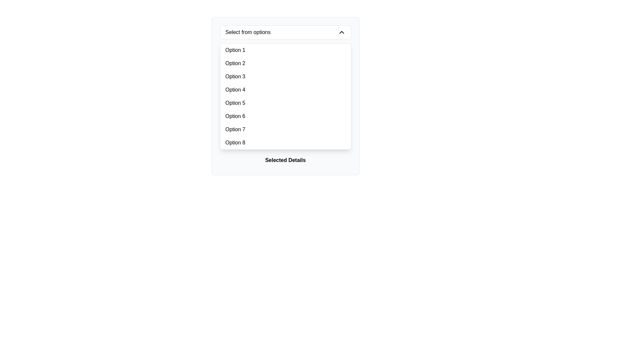 The image size is (634, 357). I want to click on the 'Option 7' text label in the dropdown menu, so click(235, 130).